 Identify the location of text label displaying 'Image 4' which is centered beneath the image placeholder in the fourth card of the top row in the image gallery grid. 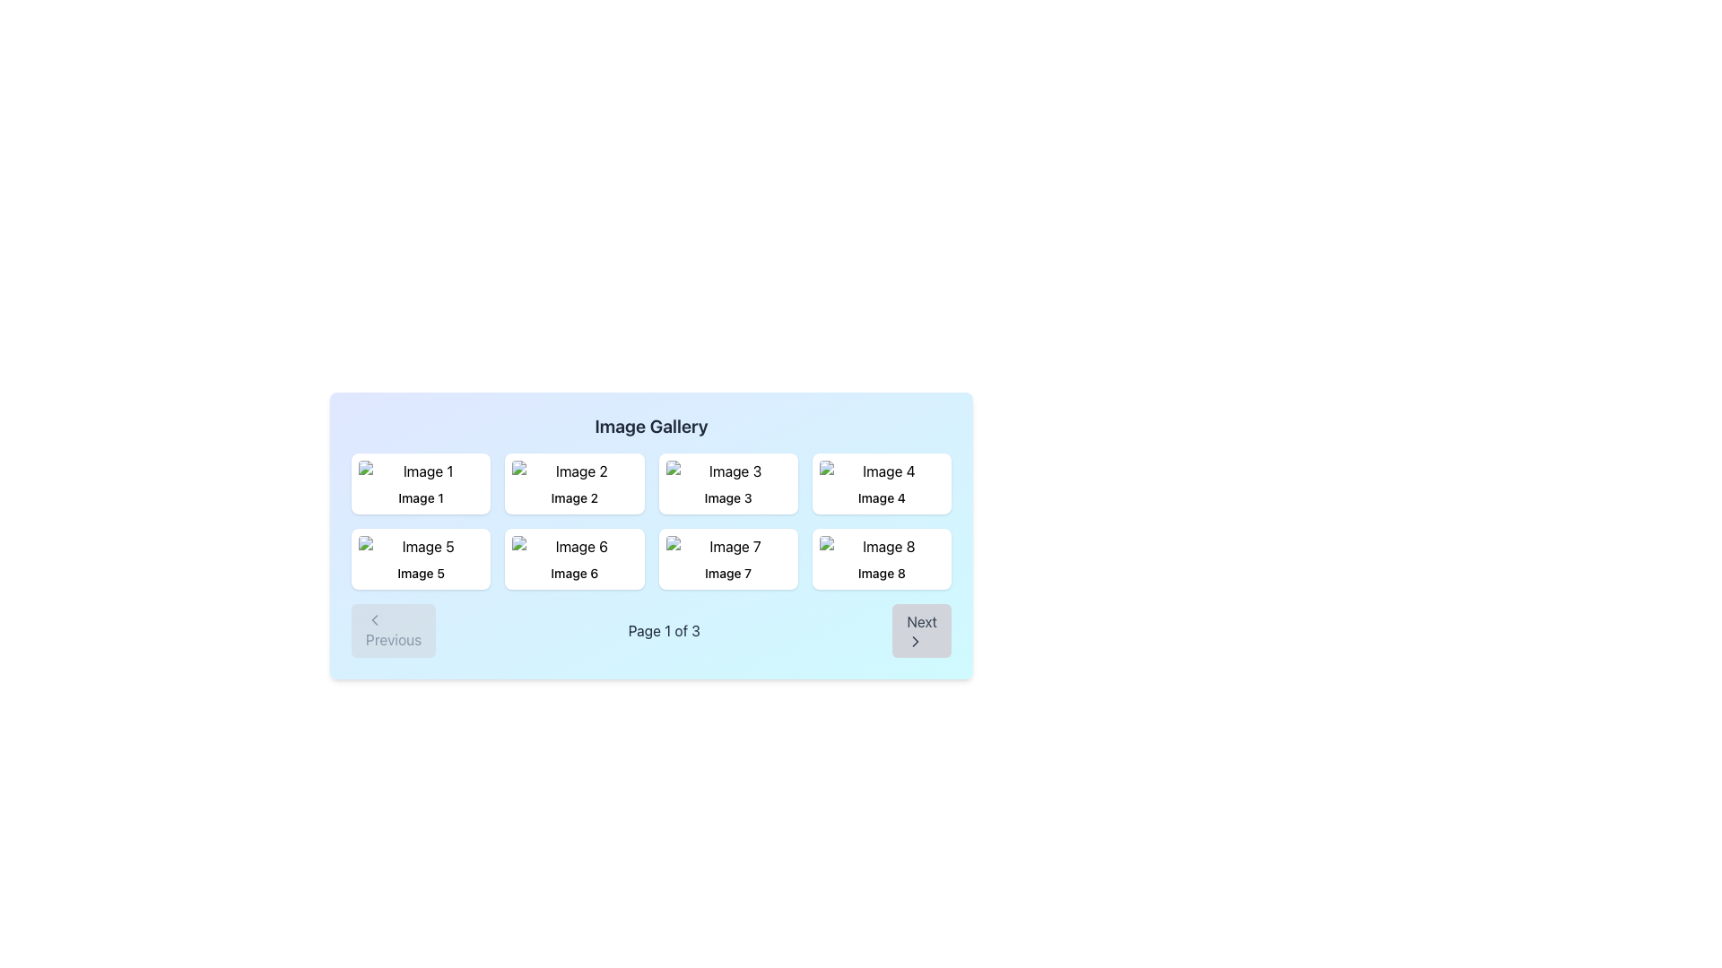
(882, 497).